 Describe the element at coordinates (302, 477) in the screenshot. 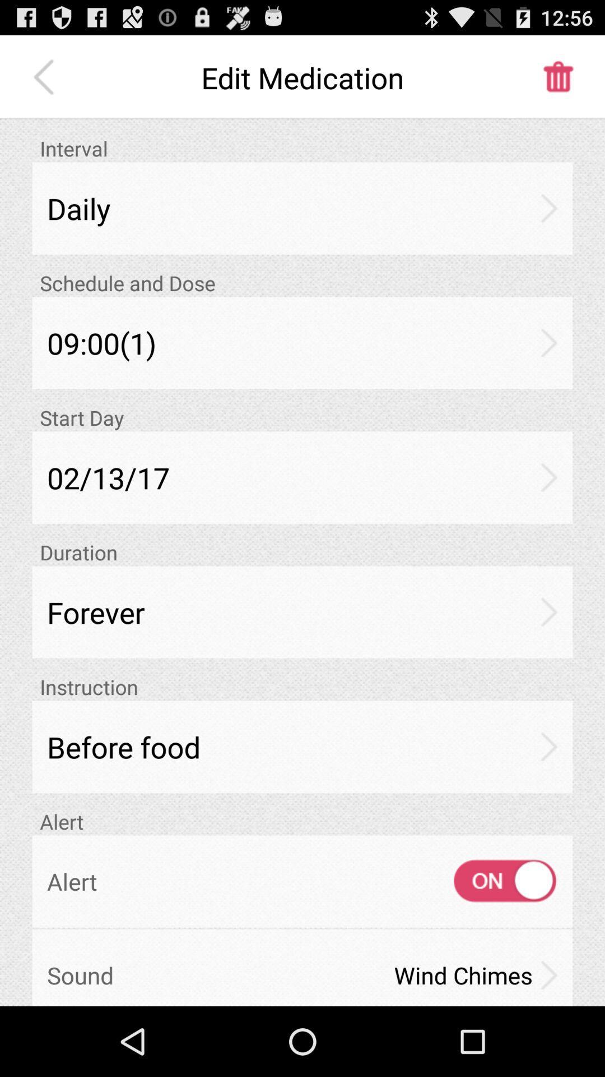

I see `the icon below start day icon` at that location.